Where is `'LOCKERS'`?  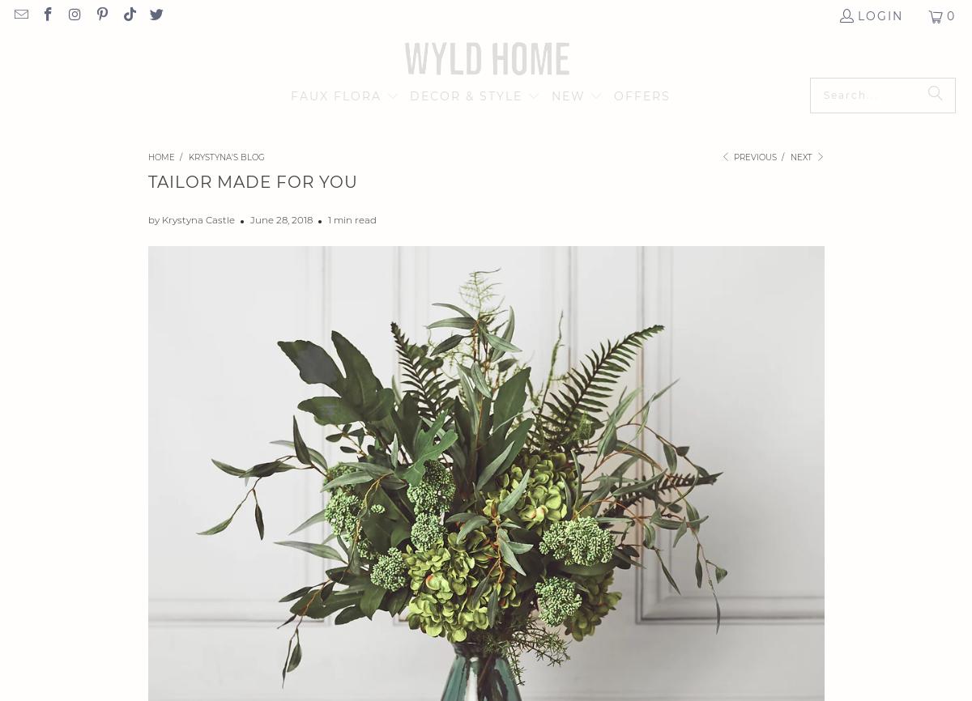
'LOCKERS' is located at coordinates (458, 397).